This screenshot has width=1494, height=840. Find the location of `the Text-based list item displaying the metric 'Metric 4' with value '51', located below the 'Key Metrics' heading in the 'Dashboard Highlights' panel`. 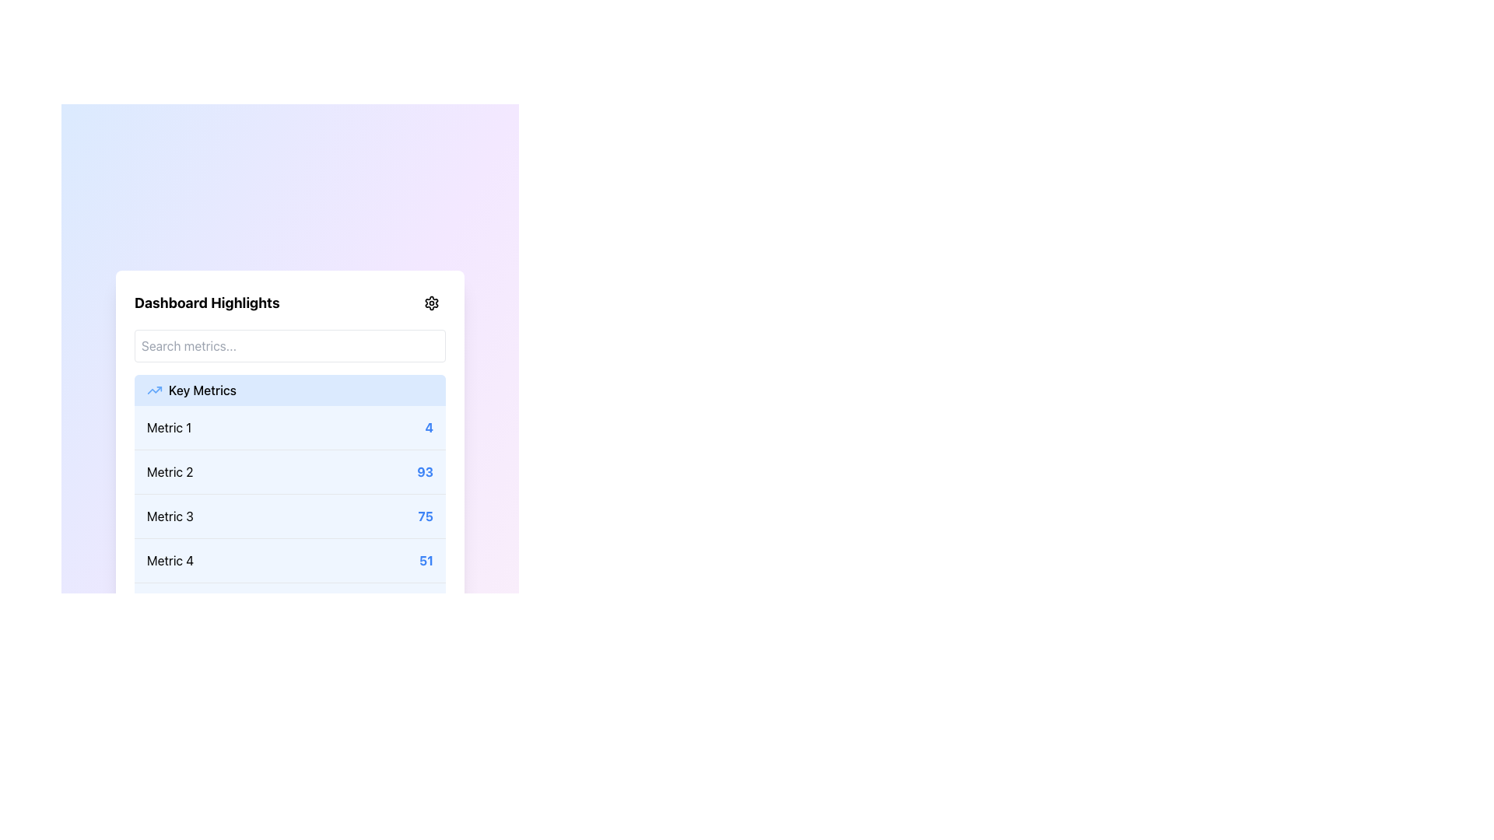

the Text-based list item displaying the metric 'Metric 4' with value '51', located below the 'Key Metrics' heading in the 'Dashboard Highlights' panel is located at coordinates (290, 561).